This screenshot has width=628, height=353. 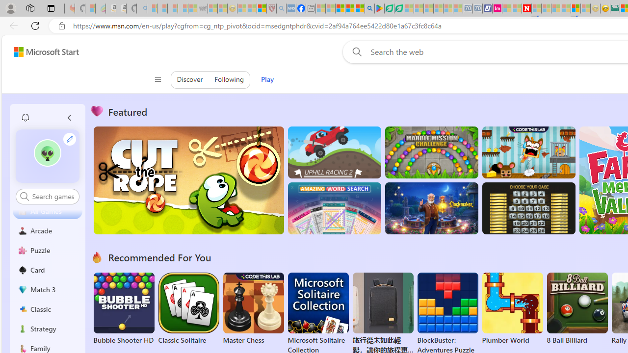 What do you see at coordinates (528, 208) in the screenshot?
I see `'Deal or No Deal'` at bounding box center [528, 208].